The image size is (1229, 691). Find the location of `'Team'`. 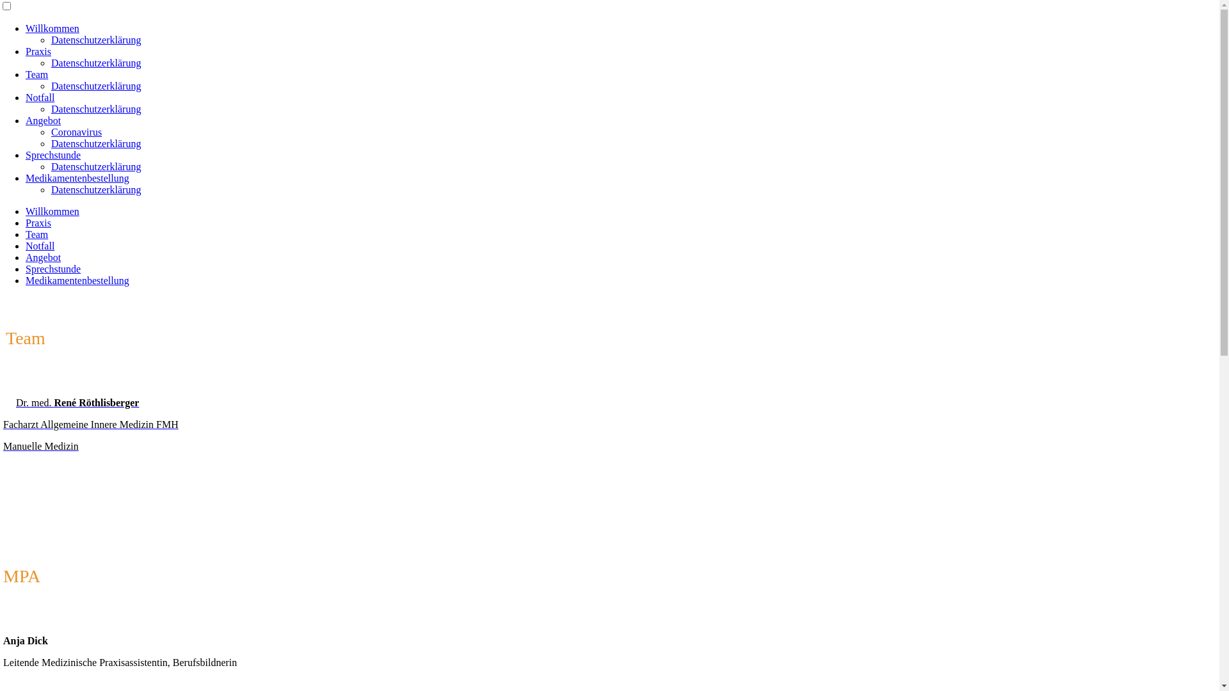

'Team' is located at coordinates (36, 74).